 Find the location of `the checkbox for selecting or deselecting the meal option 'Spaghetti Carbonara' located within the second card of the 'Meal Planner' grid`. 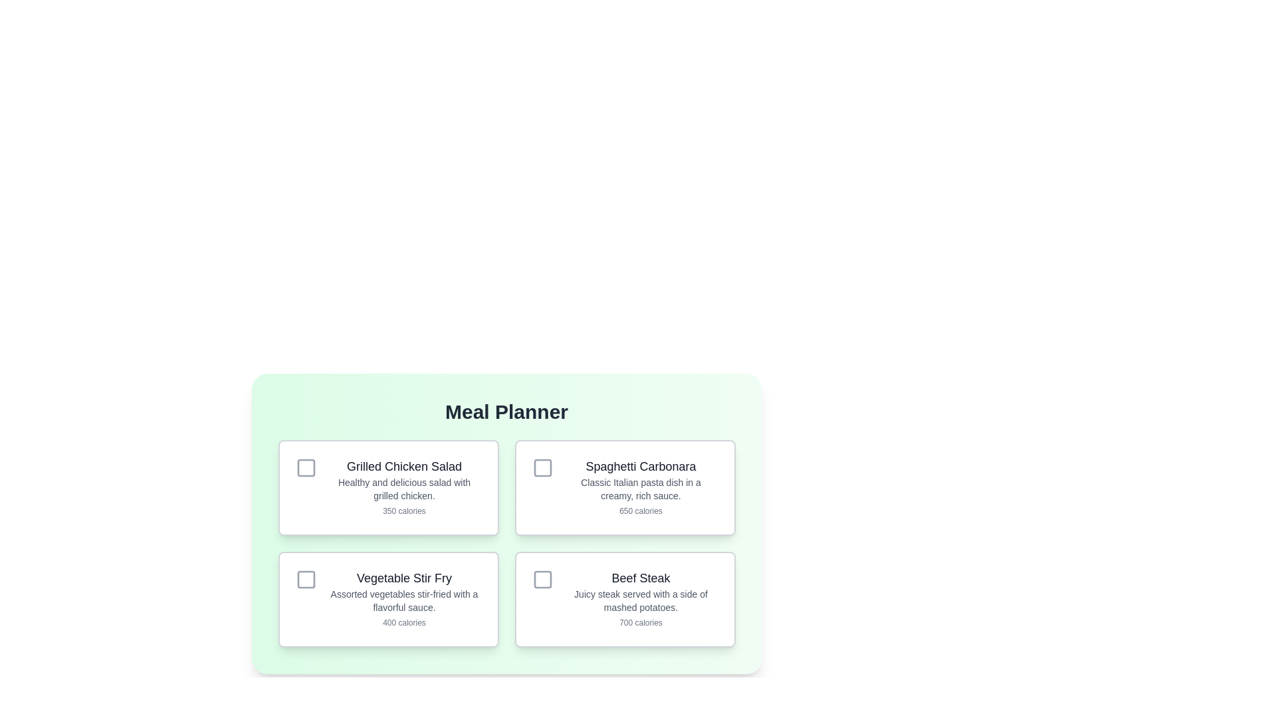

the checkbox for selecting or deselecting the meal option 'Spaghetti Carbonara' located within the second card of the 'Meal Planner' grid is located at coordinates (542, 467).